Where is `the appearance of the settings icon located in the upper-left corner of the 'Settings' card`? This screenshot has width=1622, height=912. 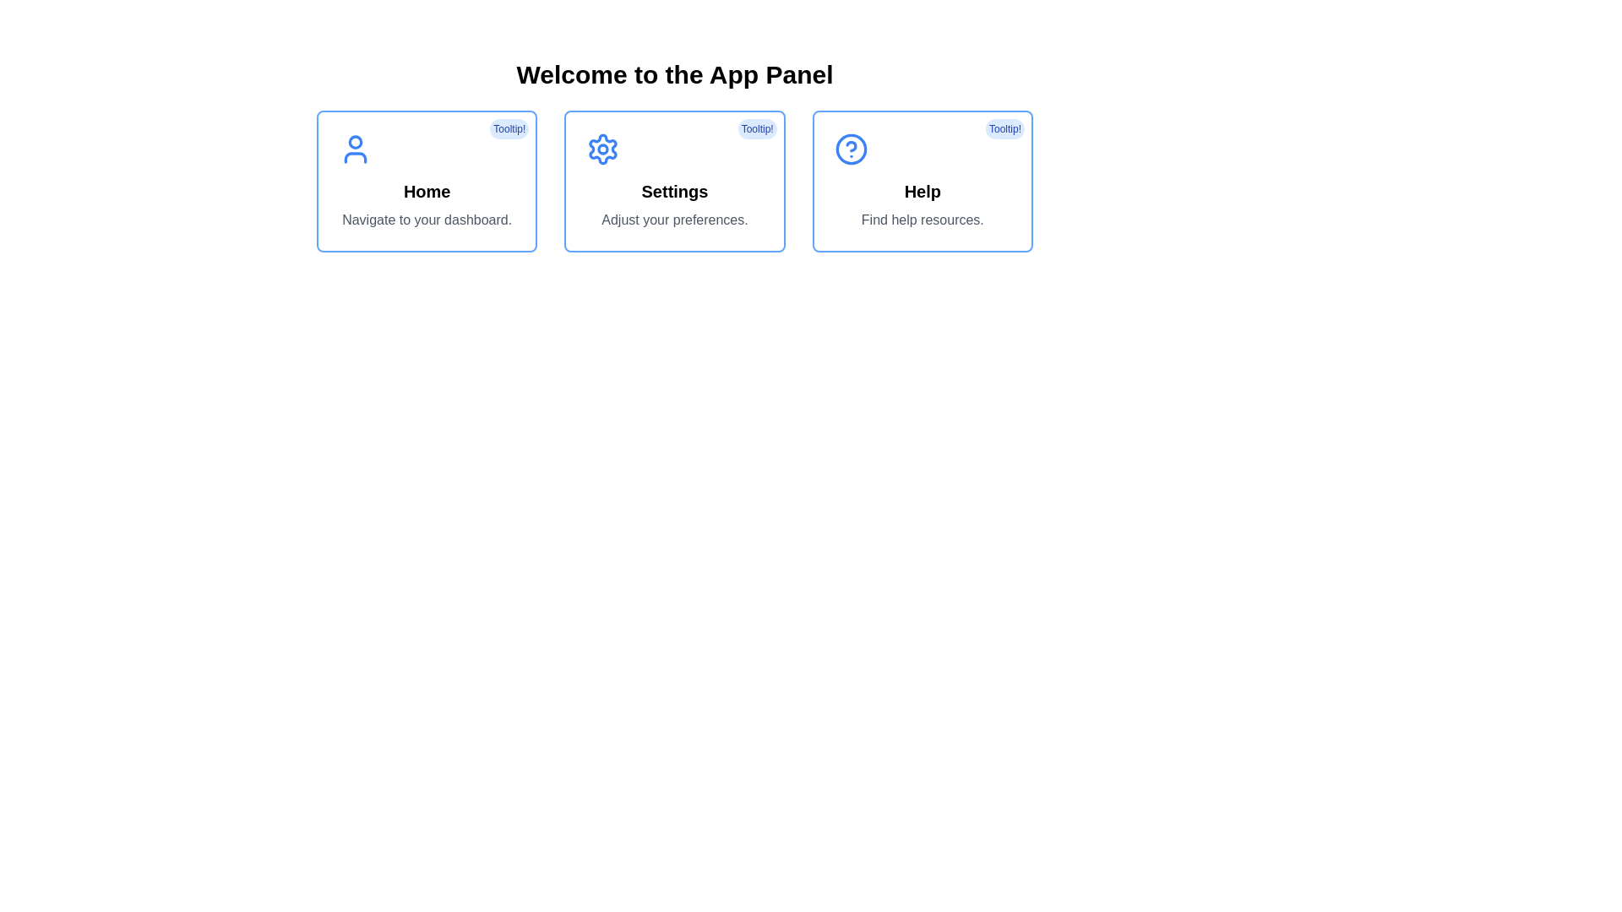 the appearance of the settings icon located in the upper-left corner of the 'Settings' card is located at coordinates (673, 149).